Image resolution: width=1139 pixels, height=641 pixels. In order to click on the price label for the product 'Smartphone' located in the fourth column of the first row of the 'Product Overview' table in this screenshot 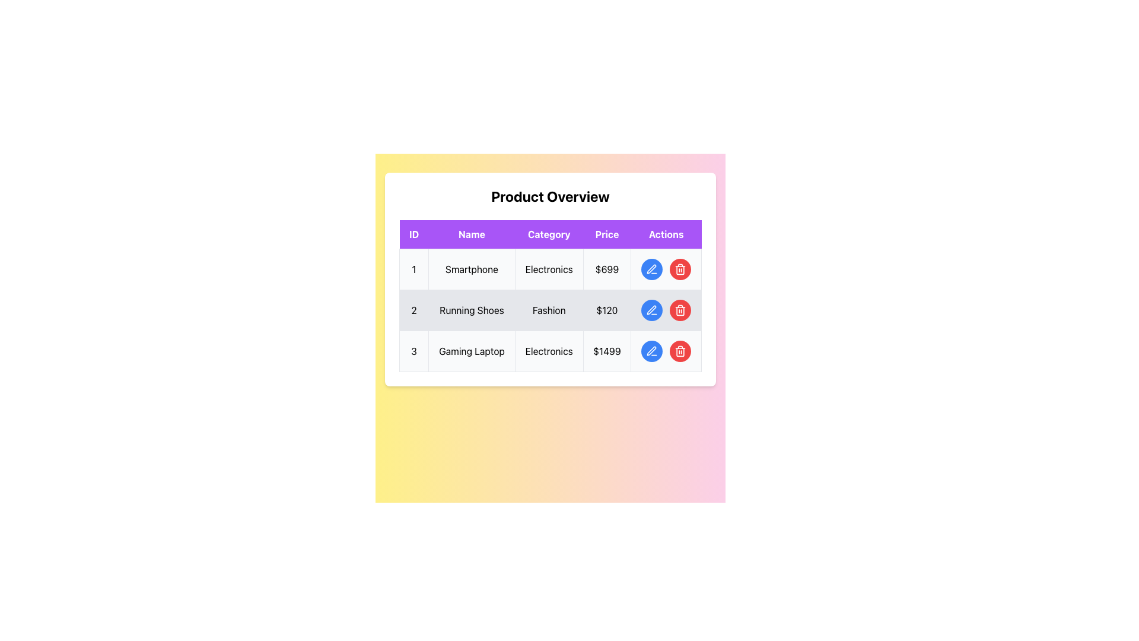, I will do `click(607, 269)`.